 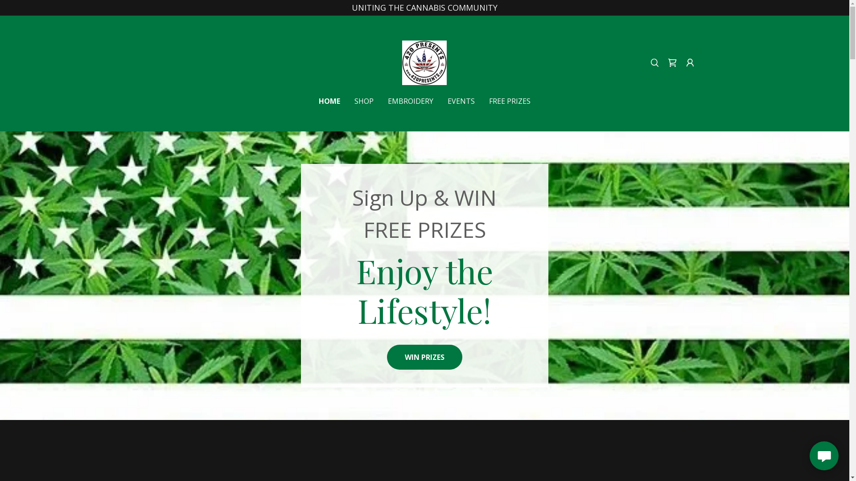 I want to click on 'EVENTS', so click(x=461, y=101).